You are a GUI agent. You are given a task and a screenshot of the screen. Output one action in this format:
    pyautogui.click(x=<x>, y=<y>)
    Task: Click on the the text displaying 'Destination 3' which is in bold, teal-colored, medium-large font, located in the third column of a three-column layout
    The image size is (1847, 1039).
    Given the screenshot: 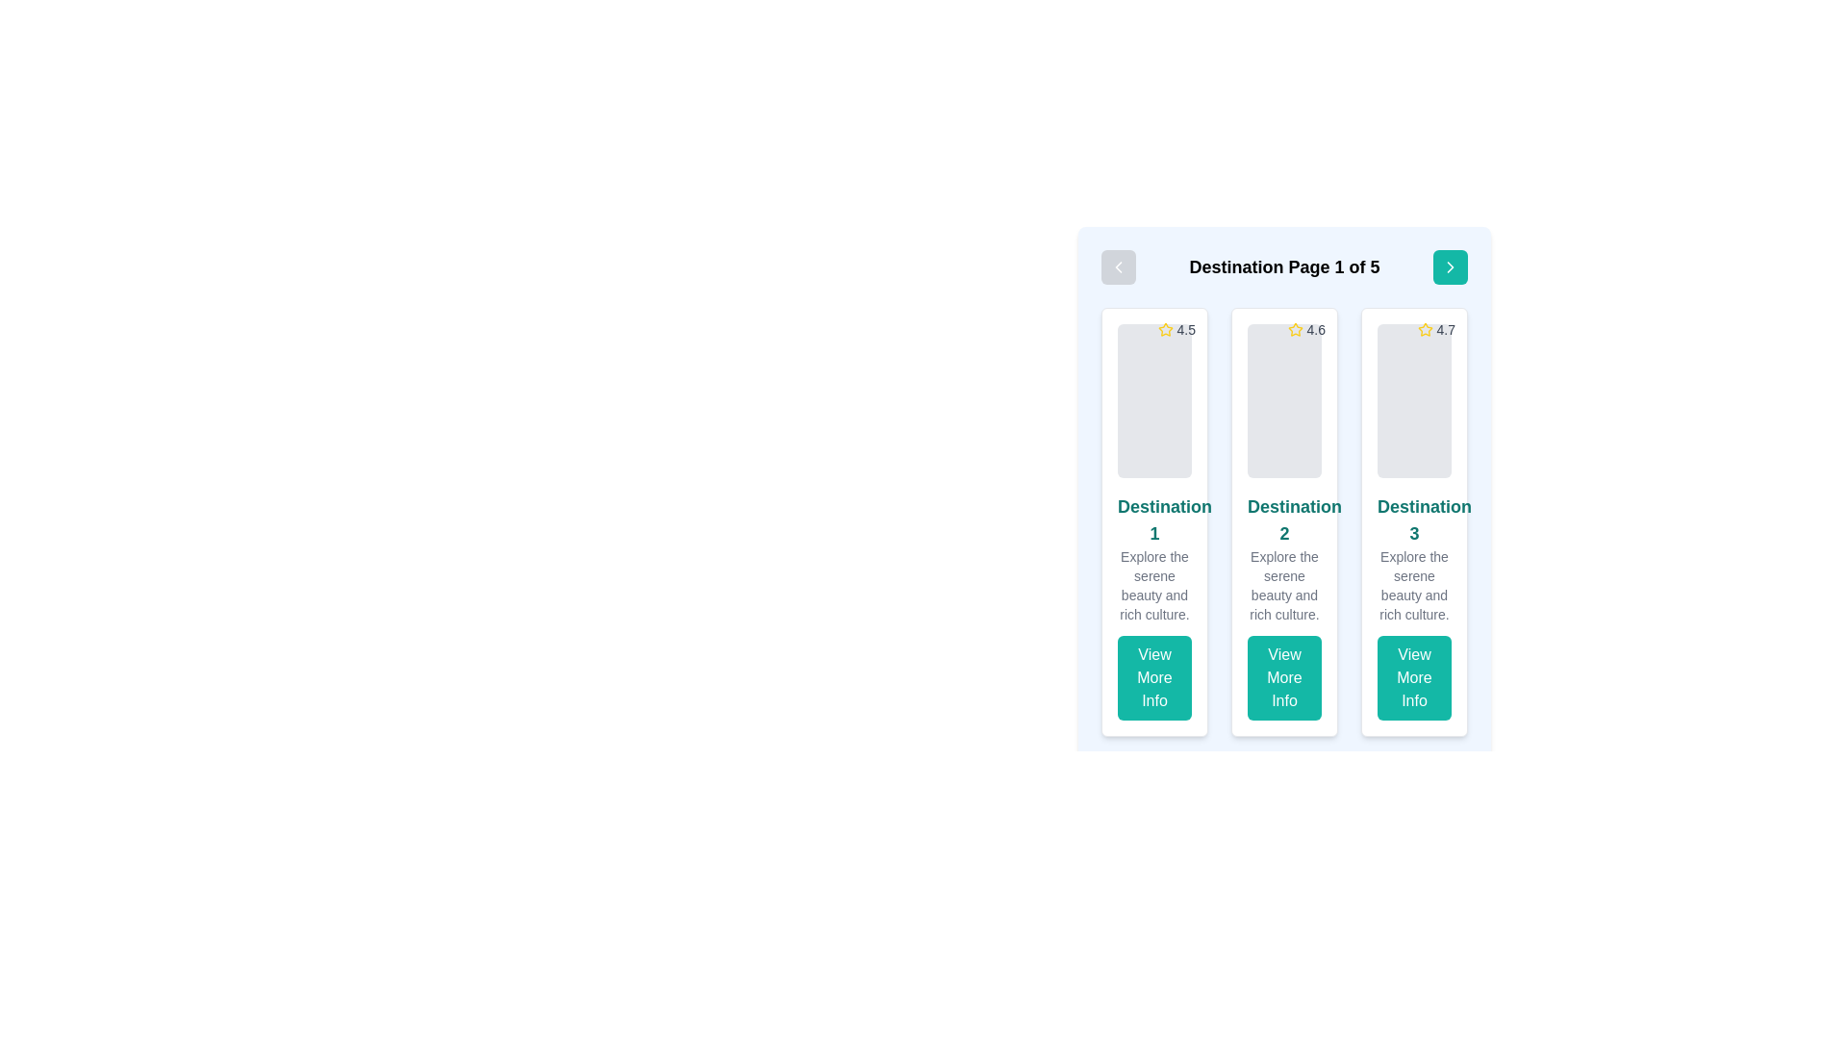 What is the action you would take?
    pyautogui.click(x=1414, y=519)
    